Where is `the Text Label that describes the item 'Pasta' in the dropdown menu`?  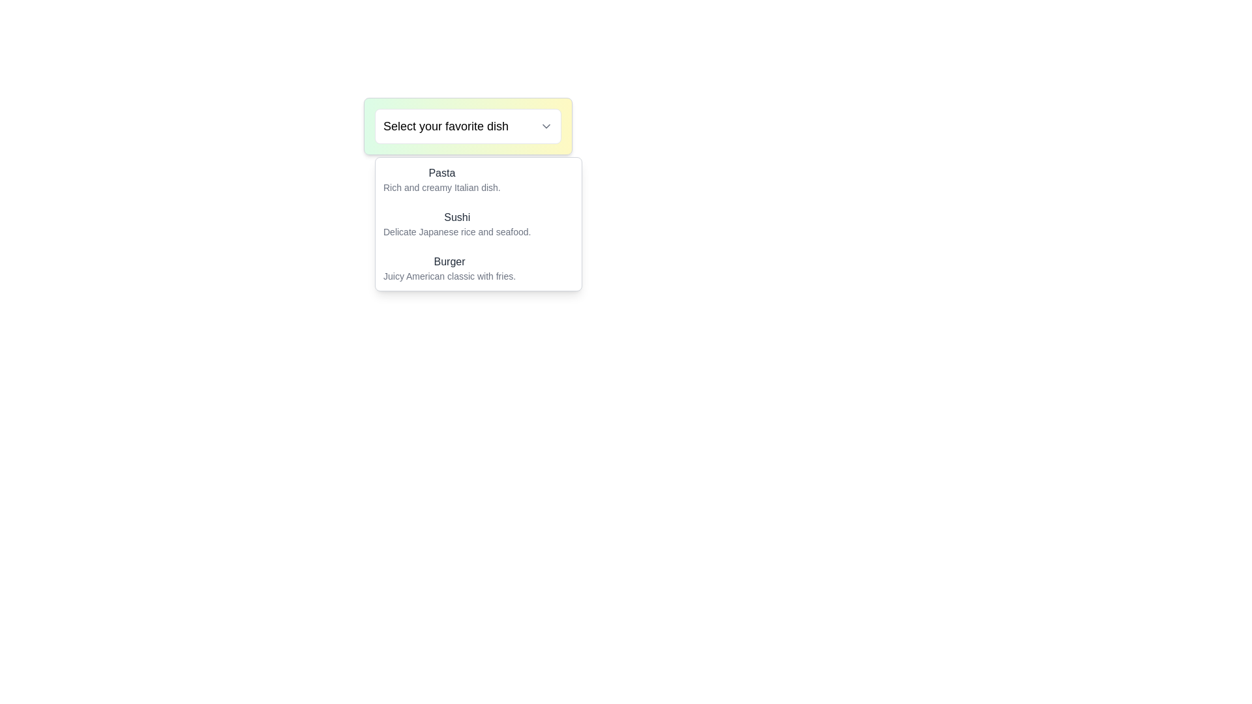 the Text Label that describes the item 'Pasta' in the dropdown menu is located at coordinates (441, 188).